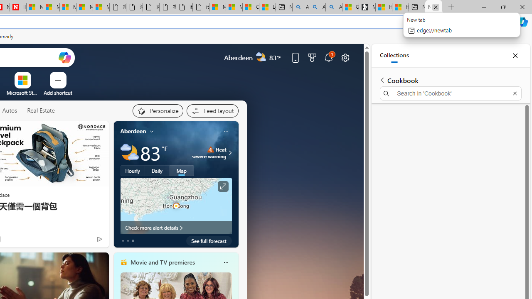 The image size is (532, 299). I want to click on 'Heat - Severe', so click(210, 149).